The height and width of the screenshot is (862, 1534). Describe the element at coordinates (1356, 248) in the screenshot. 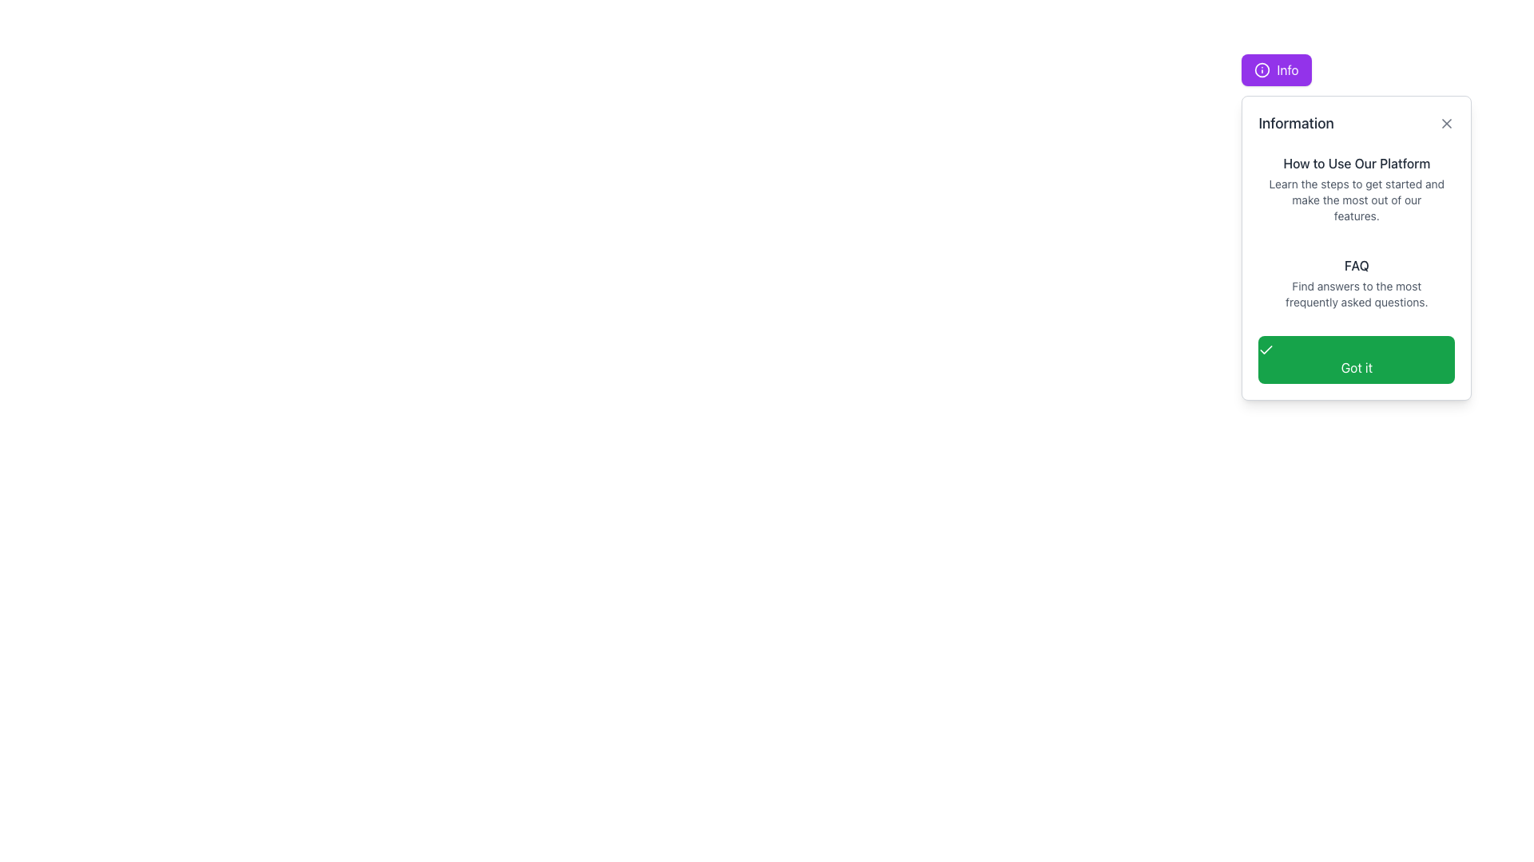

I see `informational content displayed in the tooltip that appears below the 'Info' button` at that location.